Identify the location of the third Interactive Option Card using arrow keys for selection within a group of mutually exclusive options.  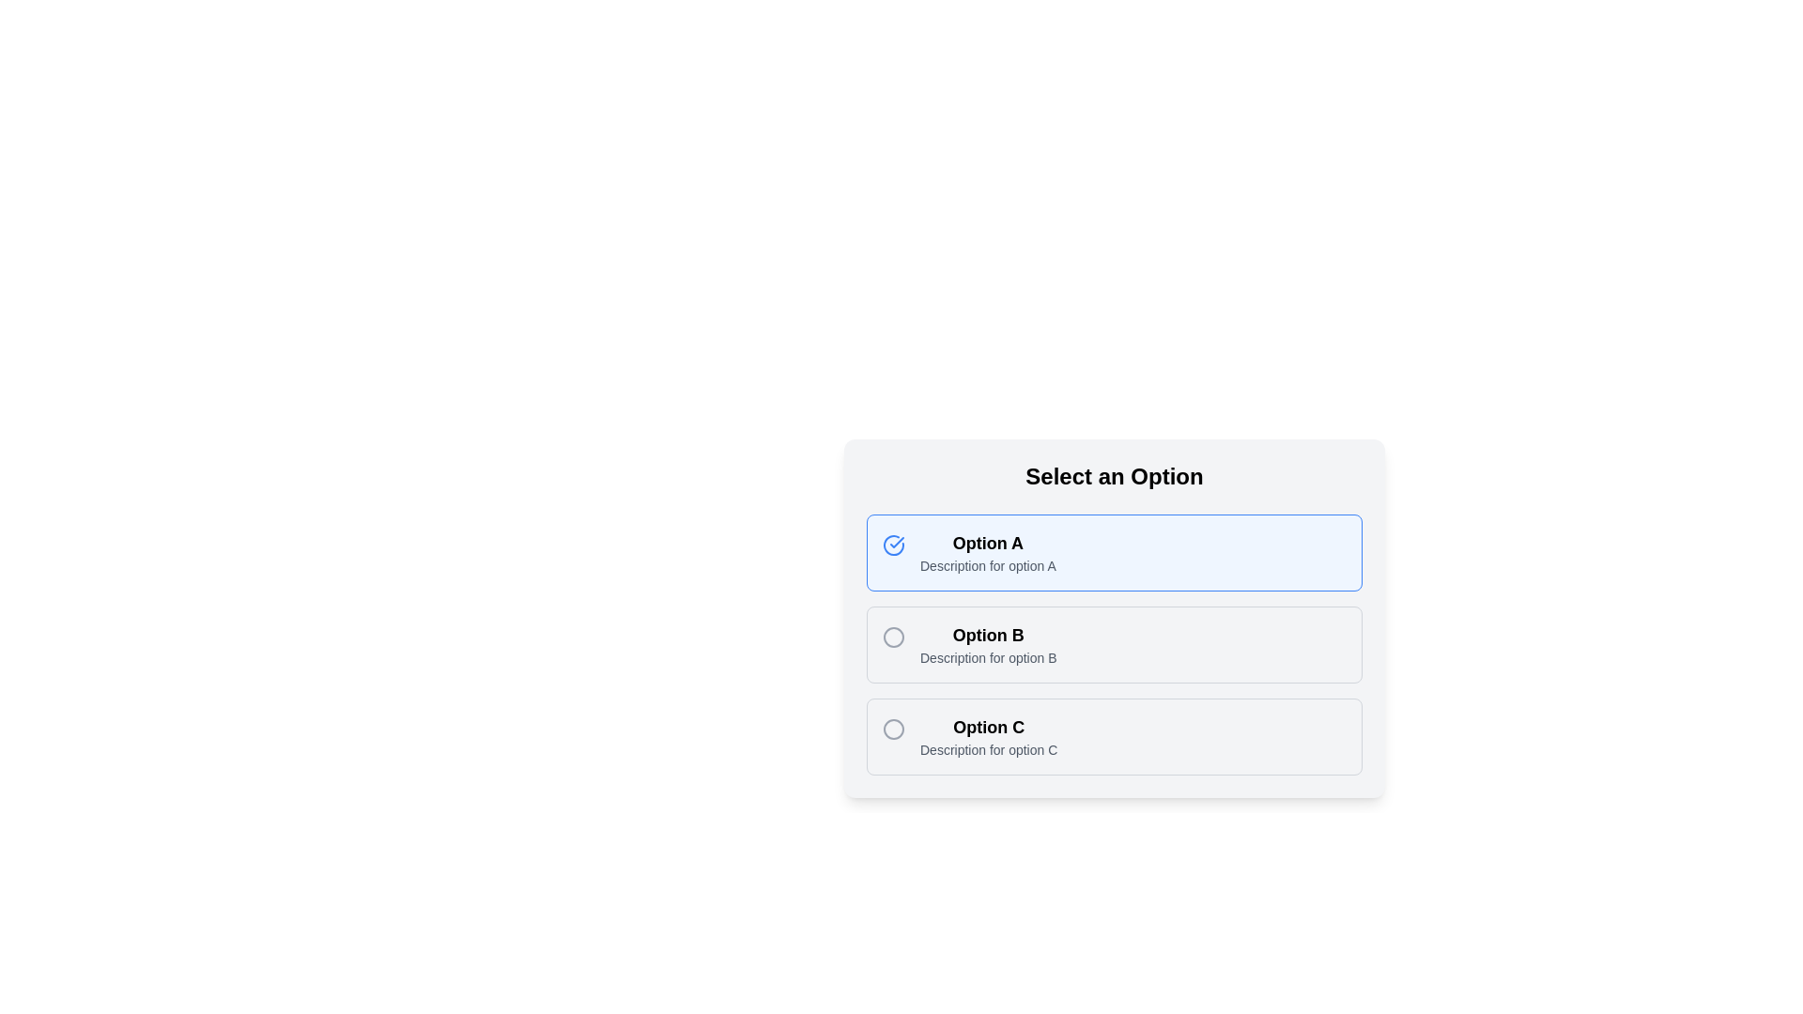
(1114, 736).